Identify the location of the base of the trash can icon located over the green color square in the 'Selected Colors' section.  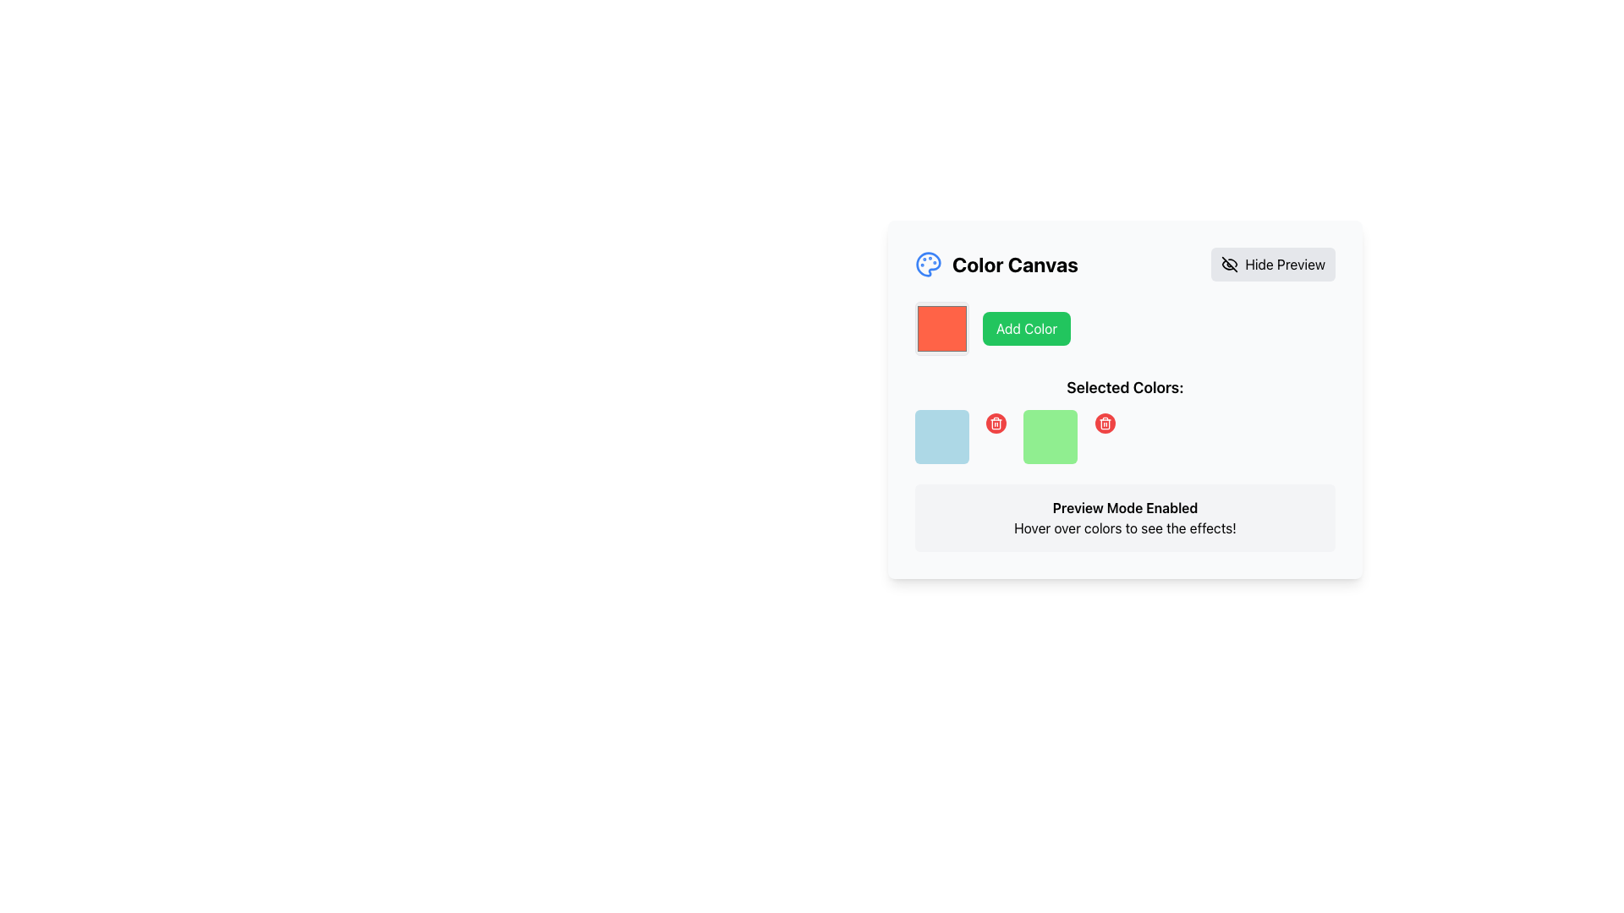
(996, 424).